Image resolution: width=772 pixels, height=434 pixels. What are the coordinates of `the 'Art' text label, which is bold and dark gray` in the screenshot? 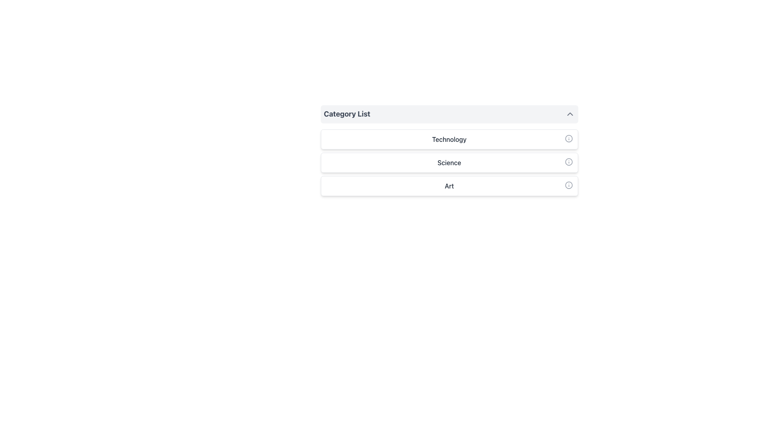 It's located at (449, 186).